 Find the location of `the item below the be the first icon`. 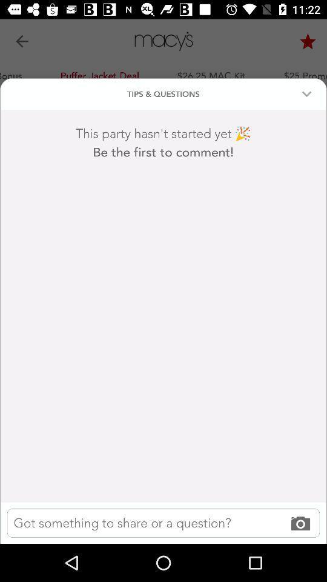

the item below the be the first icon is located at coordinates (163, 522).